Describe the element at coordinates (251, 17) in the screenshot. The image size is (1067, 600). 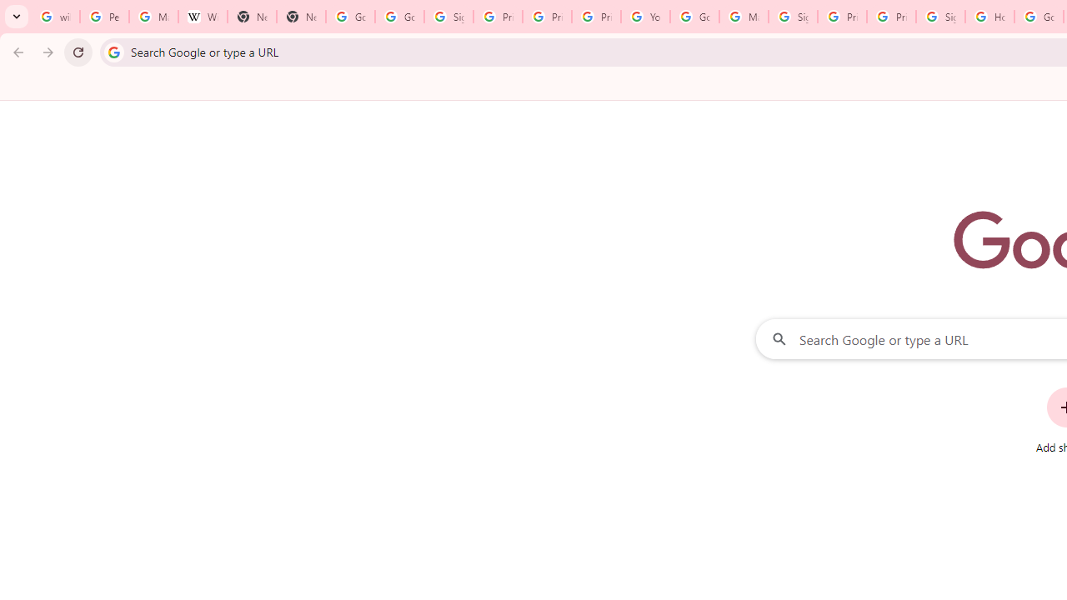
I see `'New Tab'` at that location.